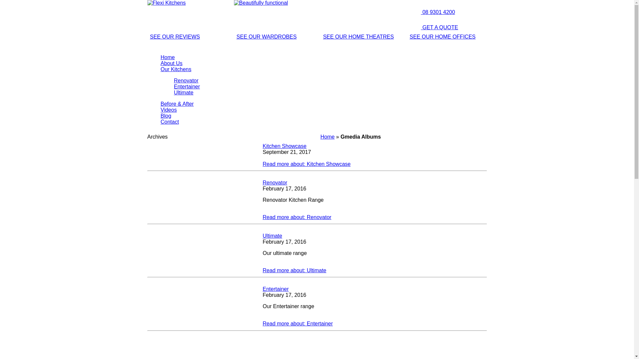 The height and width of the screenshot is (359, 639). I want to click on 'Read more about: Ultimate', so click(294, 270).